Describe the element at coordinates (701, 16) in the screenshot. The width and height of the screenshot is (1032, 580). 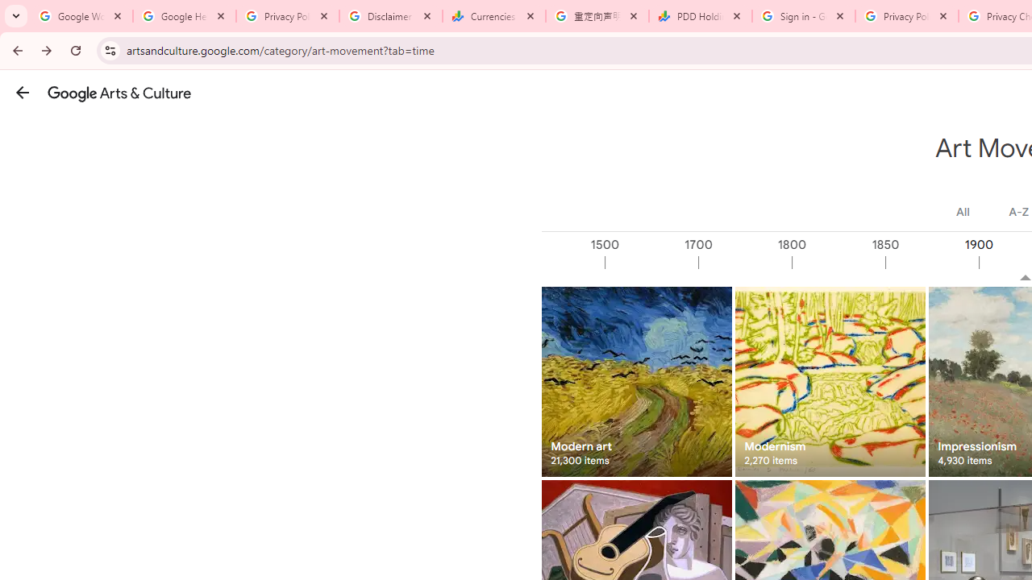
I see `'PDD Holdings Inc - ADR (PDD) Price & News - Google Finance'` at that location.